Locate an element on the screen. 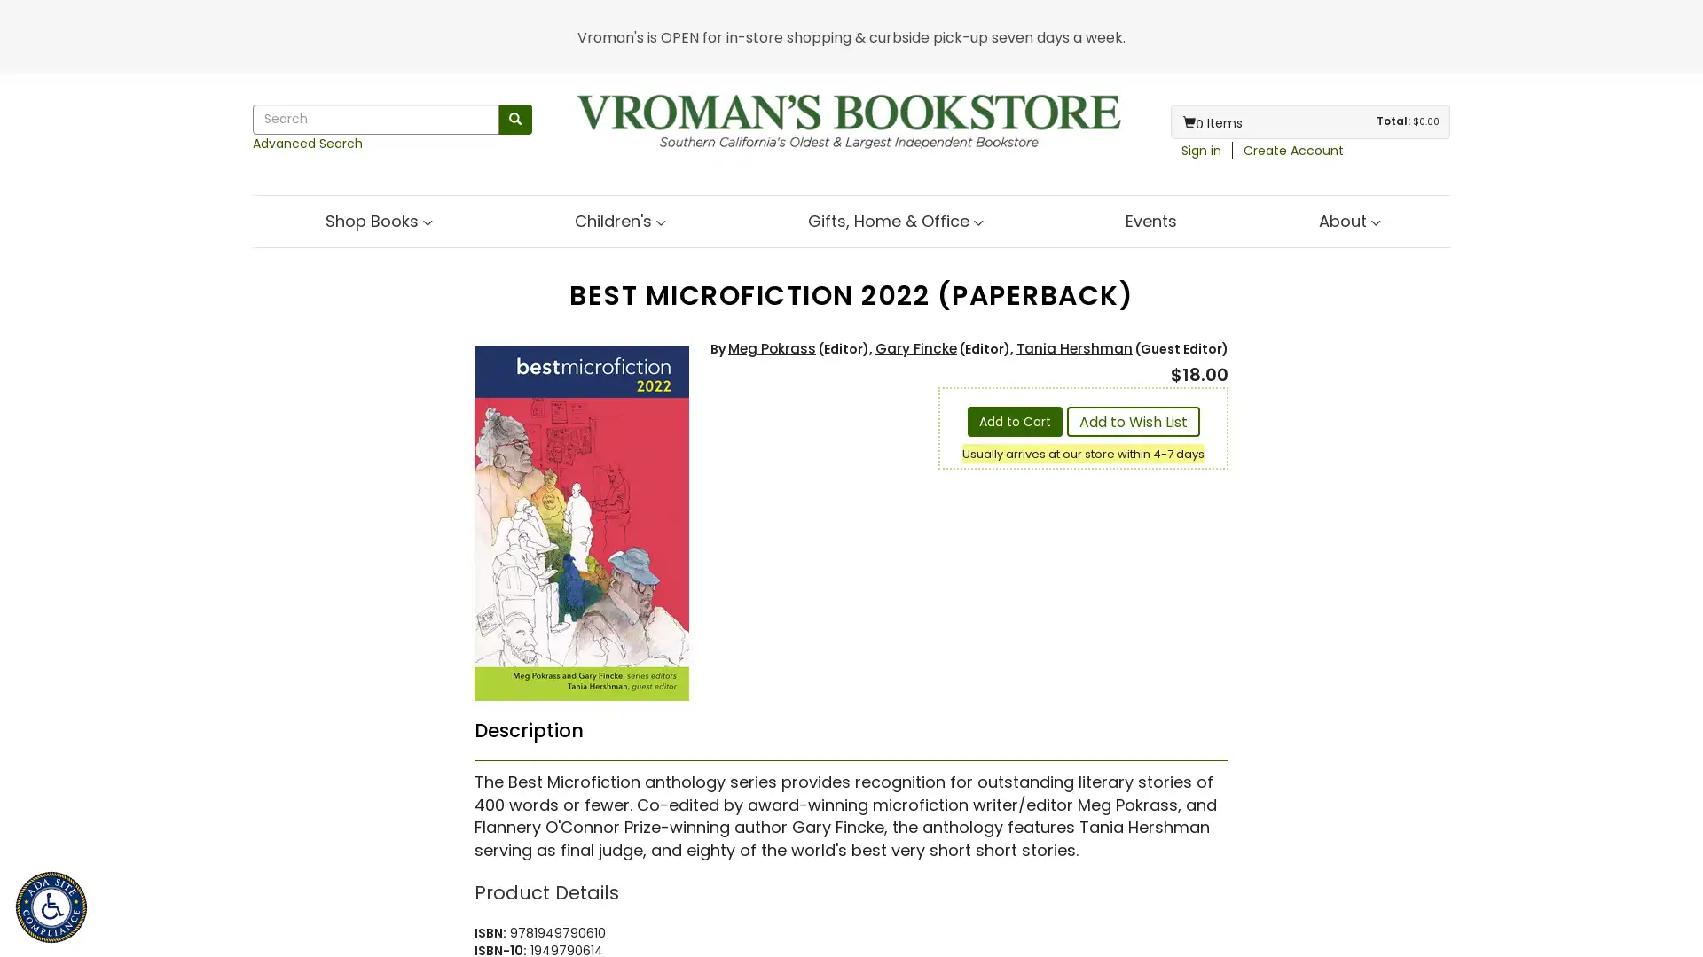 Image resolution: width=1703 pixels, height=957 pixels. ADA Site Compliance Accessibility Menu is located at coordinates (51, 906).